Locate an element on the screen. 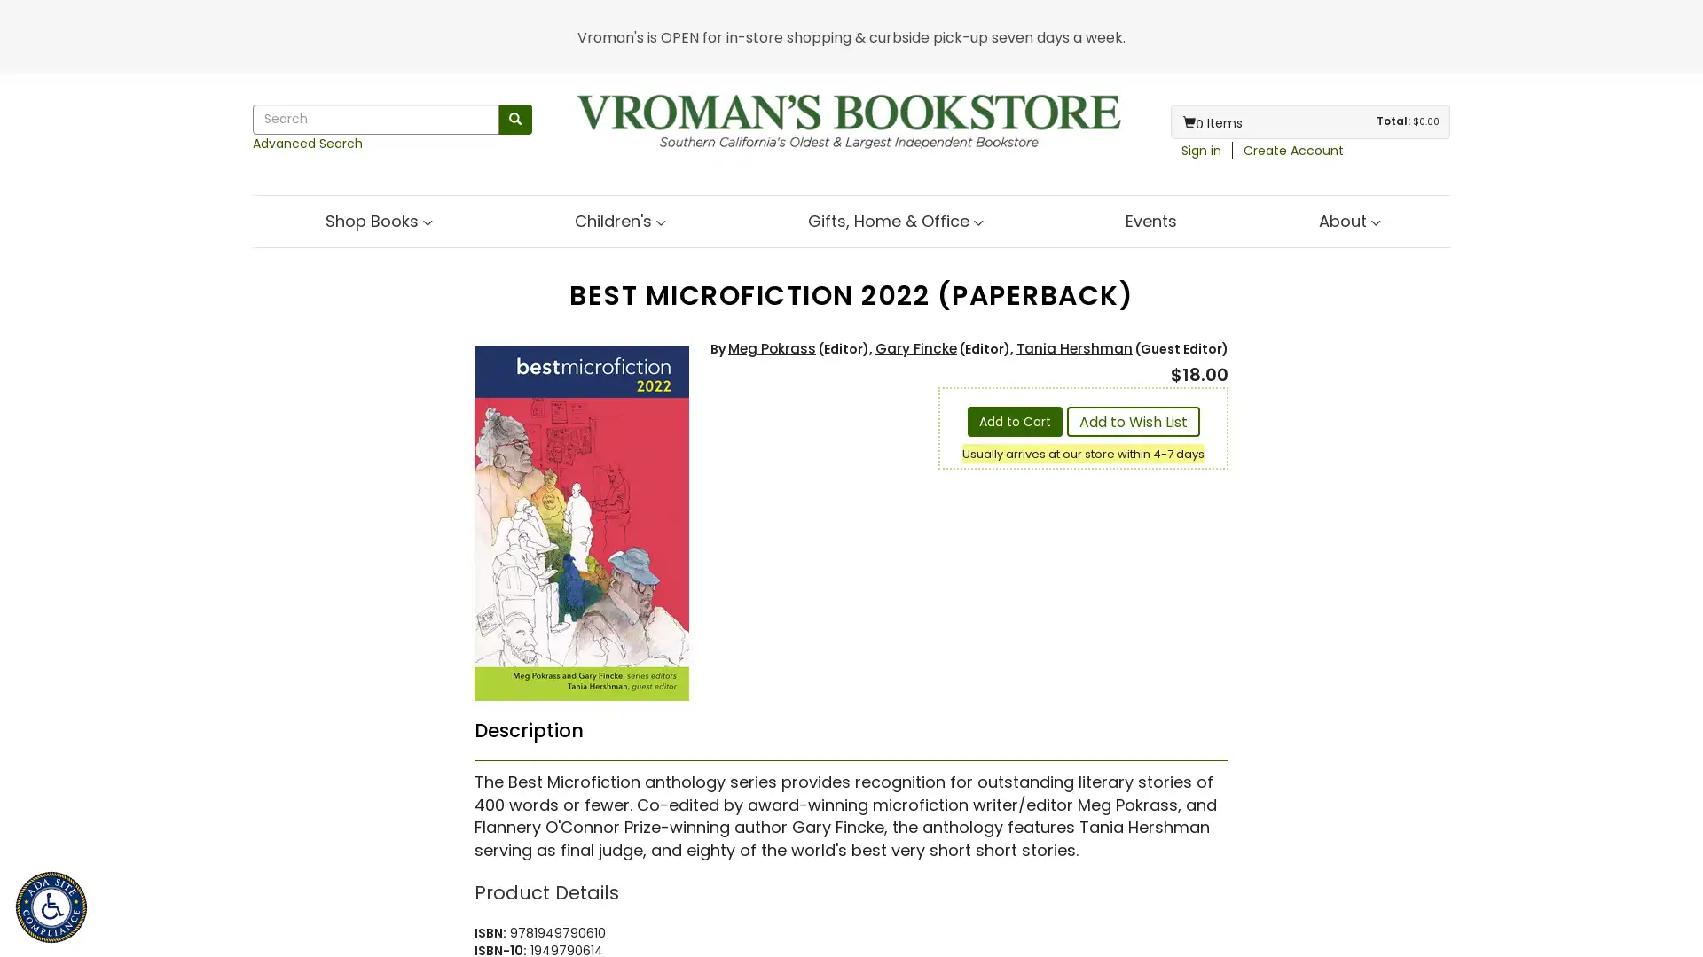 Image resolution: width=1703 pixels, height=957 pixels. ADA Site Compliance Accessibility Menu is located at coordinates (51, 906).